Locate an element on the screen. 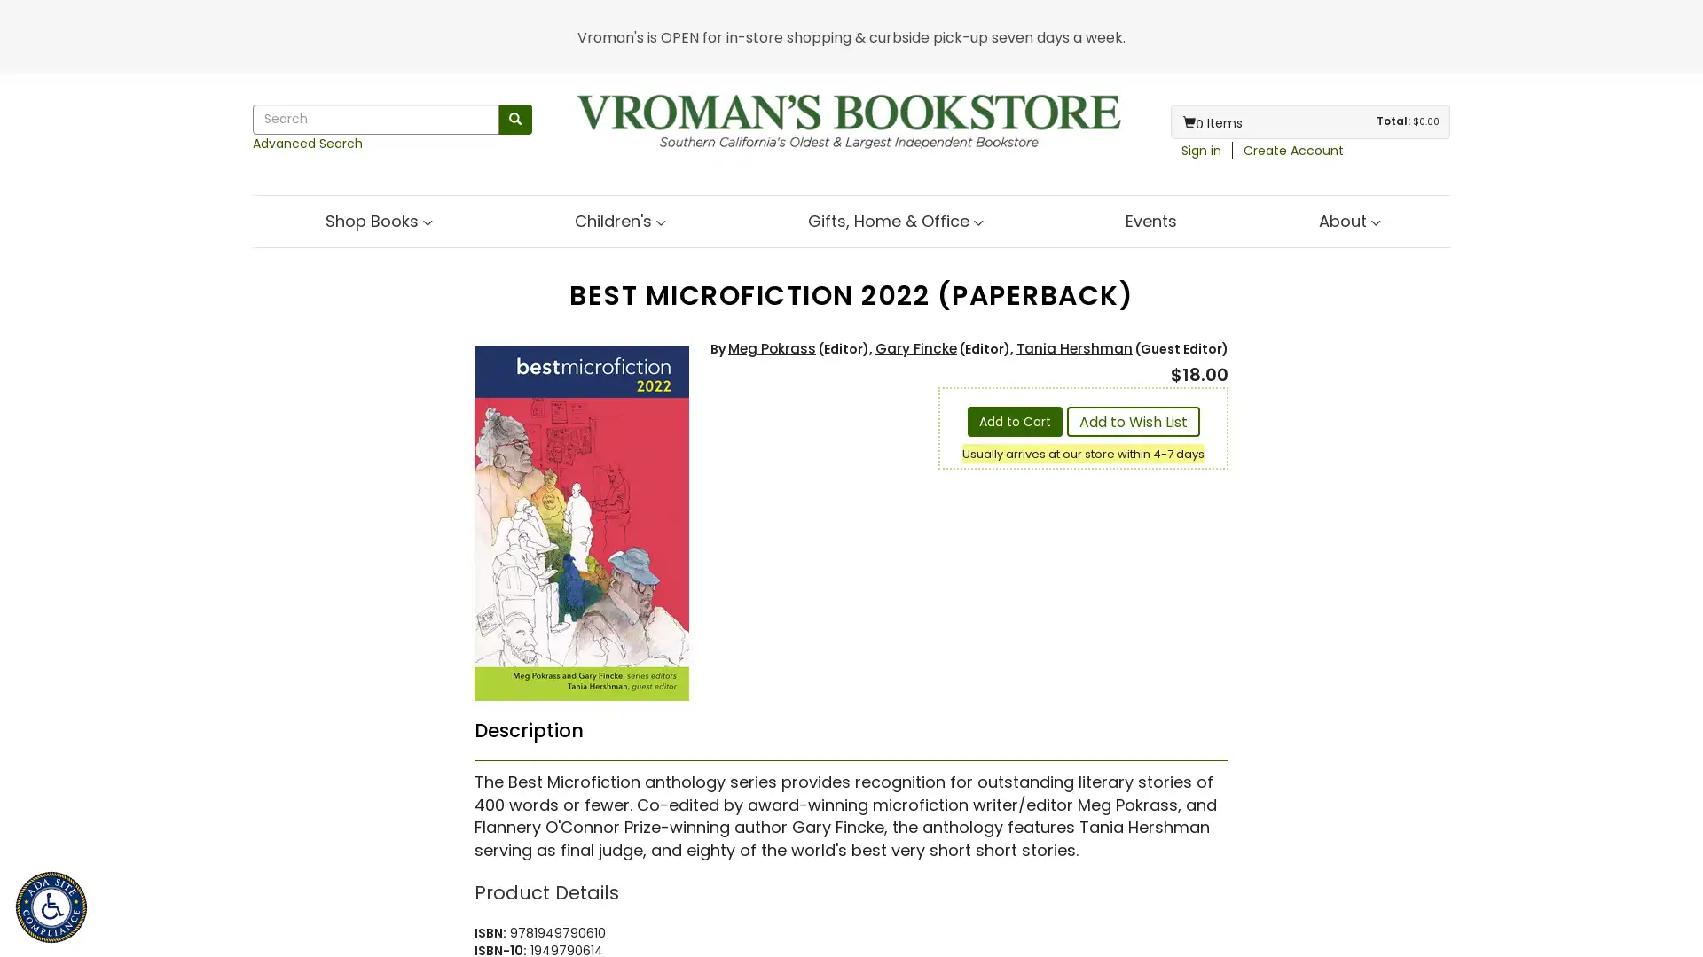 Image resolution: width=1703 pixels, height=957 pixels. ADA Site Compliance Accessibility Menu is located at coordinates (51, 906).